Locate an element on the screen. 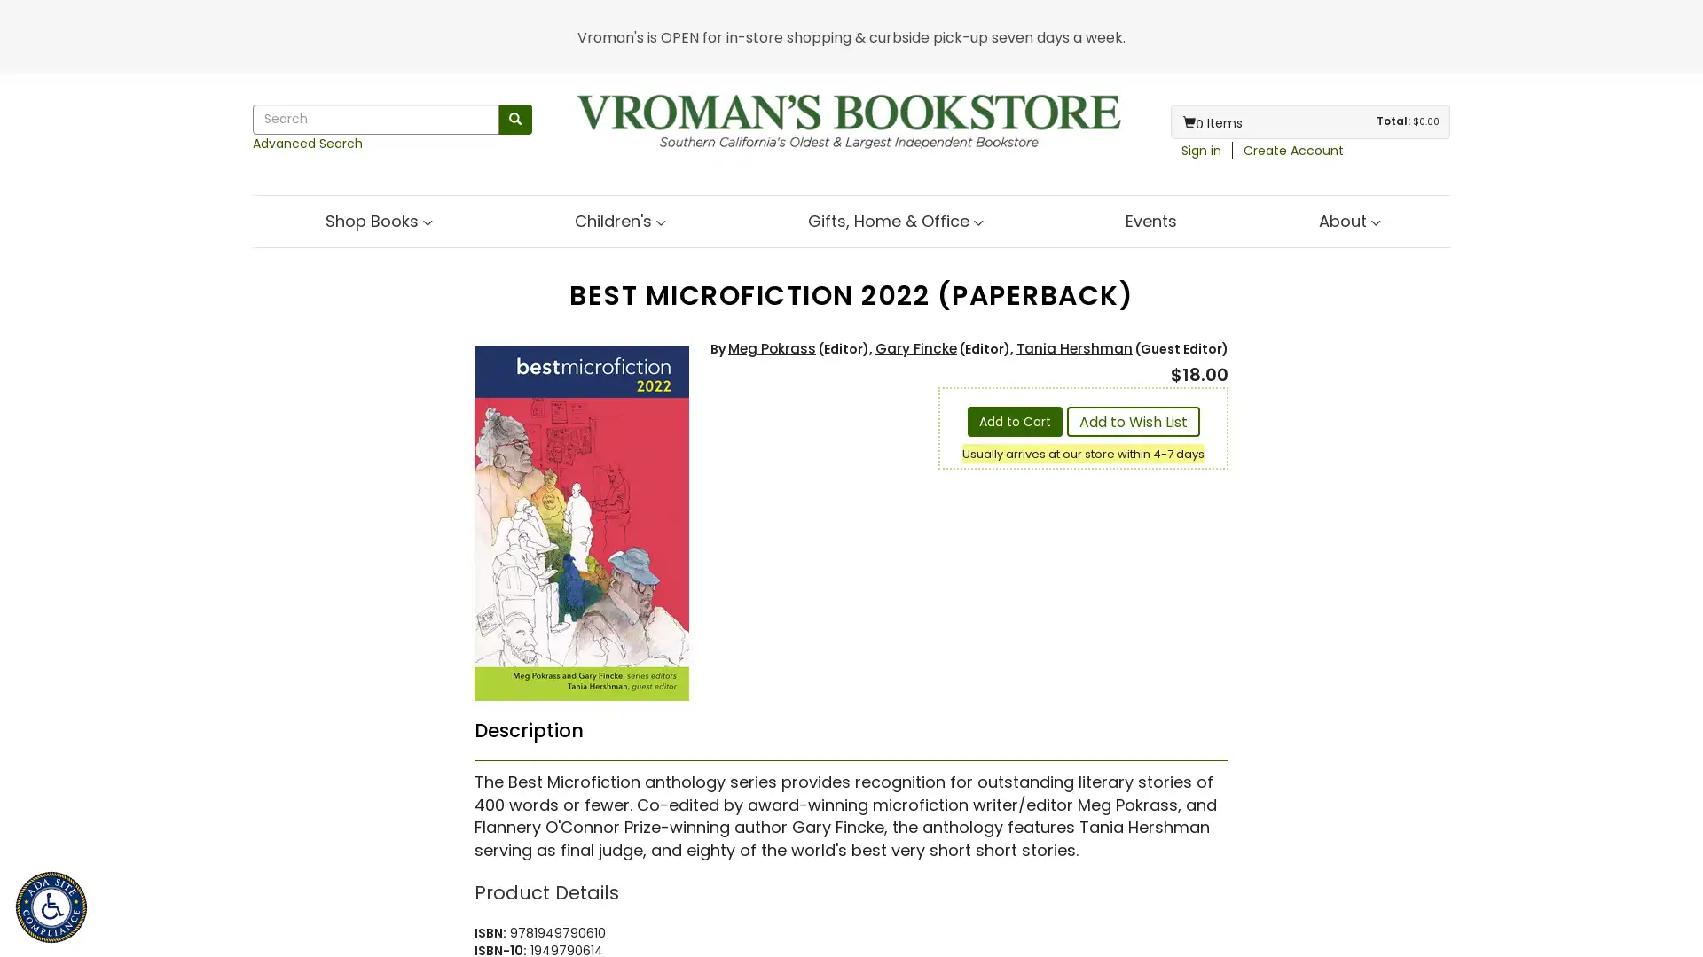 Image resolution: width=1703 pixels, height=957 pixels. ADA Site Compliance Accessibility Menu is located at coordinates (51, 906).